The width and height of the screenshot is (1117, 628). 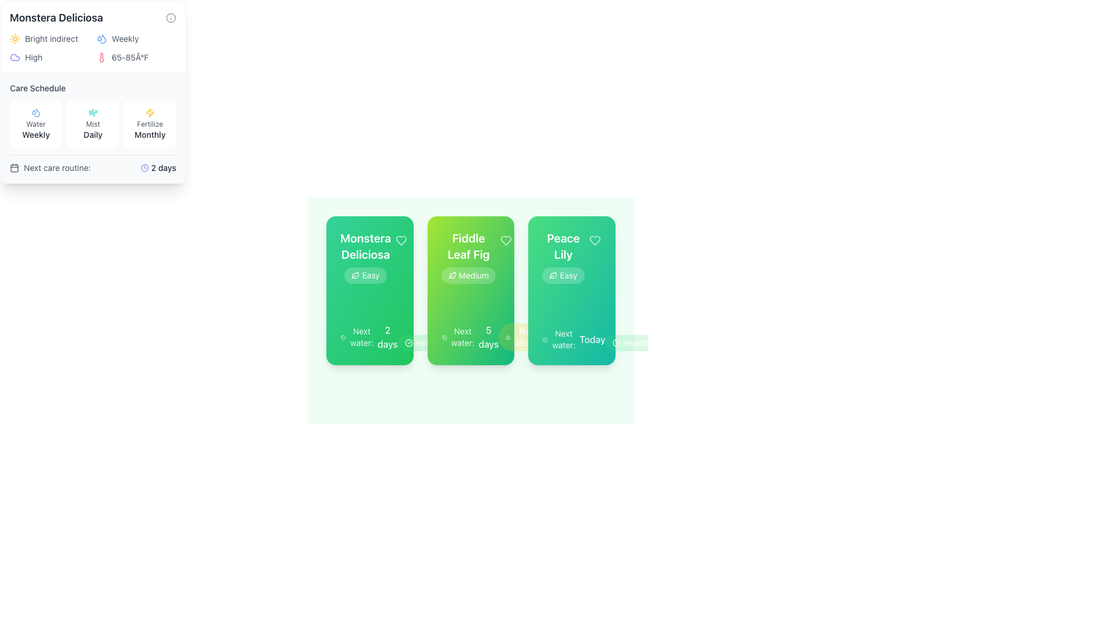 What do you see at coordinates (365, 276) in the screenshot?
I see `the content of the pill-shaped label displaying 'Easy' with a green background, located in the bottom left of the 'Monstera Deliciosa' card, below the card title` at bounding box center [365, 276].